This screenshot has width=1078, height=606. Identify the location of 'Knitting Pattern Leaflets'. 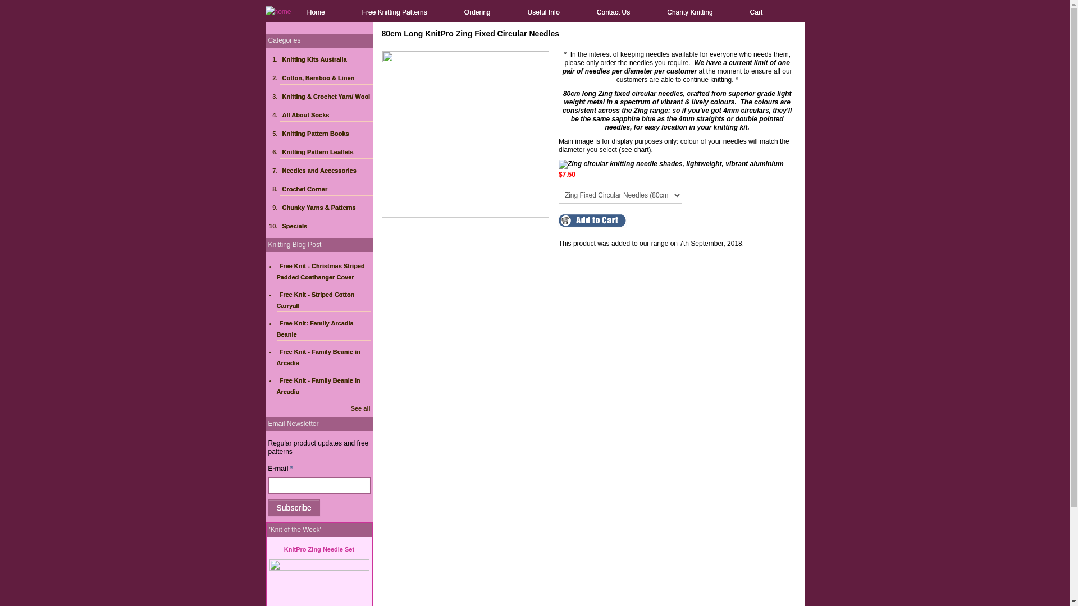
(326, 151).